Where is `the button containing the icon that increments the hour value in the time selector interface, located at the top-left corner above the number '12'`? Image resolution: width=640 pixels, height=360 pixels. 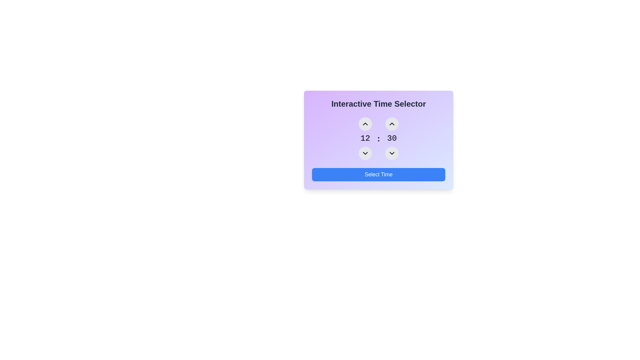
the button containing the icon that increments the hour value in the time selector interface, located at the top-left corner above the number '12' is located at coordinates (365, 124).